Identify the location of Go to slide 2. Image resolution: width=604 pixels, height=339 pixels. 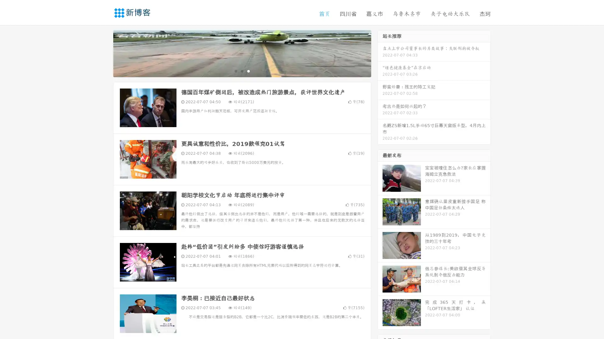
(242, 71).